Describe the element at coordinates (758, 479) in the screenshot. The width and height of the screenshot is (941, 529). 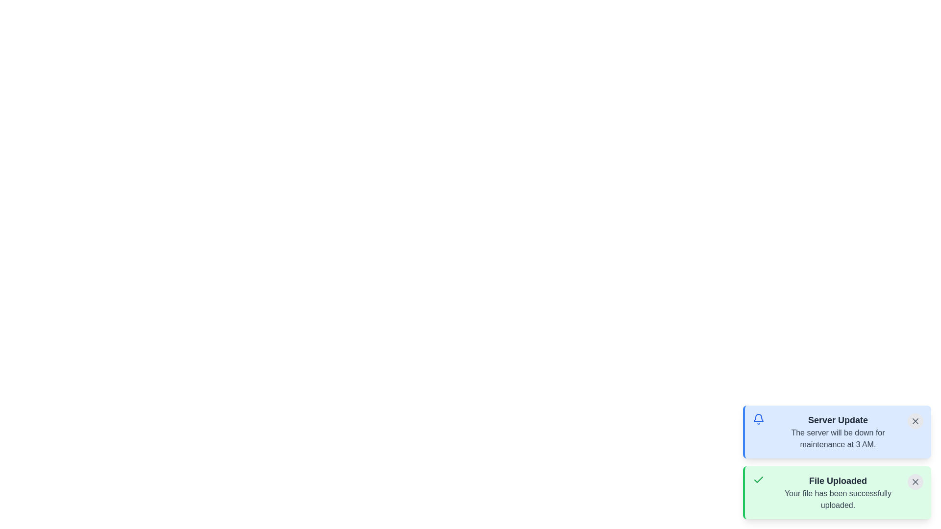
I see `the confirmation icon located at the top-left corner of the green notification card labeled 'File Uploaded', which indicates a success message` at that location.